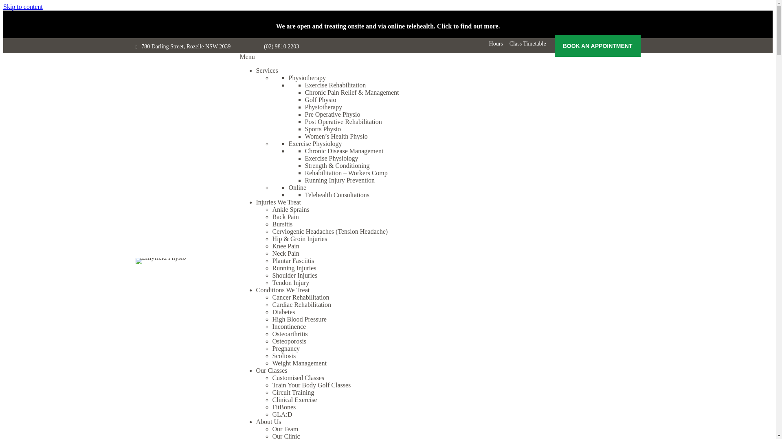 This screenshot has width=782, height=439. What do you see at coordinates (503, 44) in the screenshot?
I see `'Class Timetable'` at bounding box center [503, 44].